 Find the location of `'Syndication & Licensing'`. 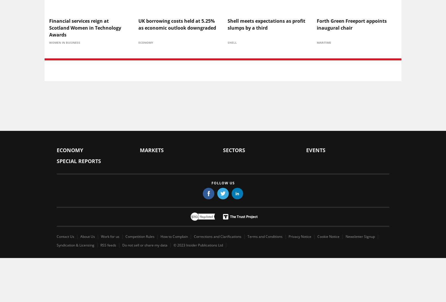

'Syndication & Licensing' is located at coordinates (75, 245).